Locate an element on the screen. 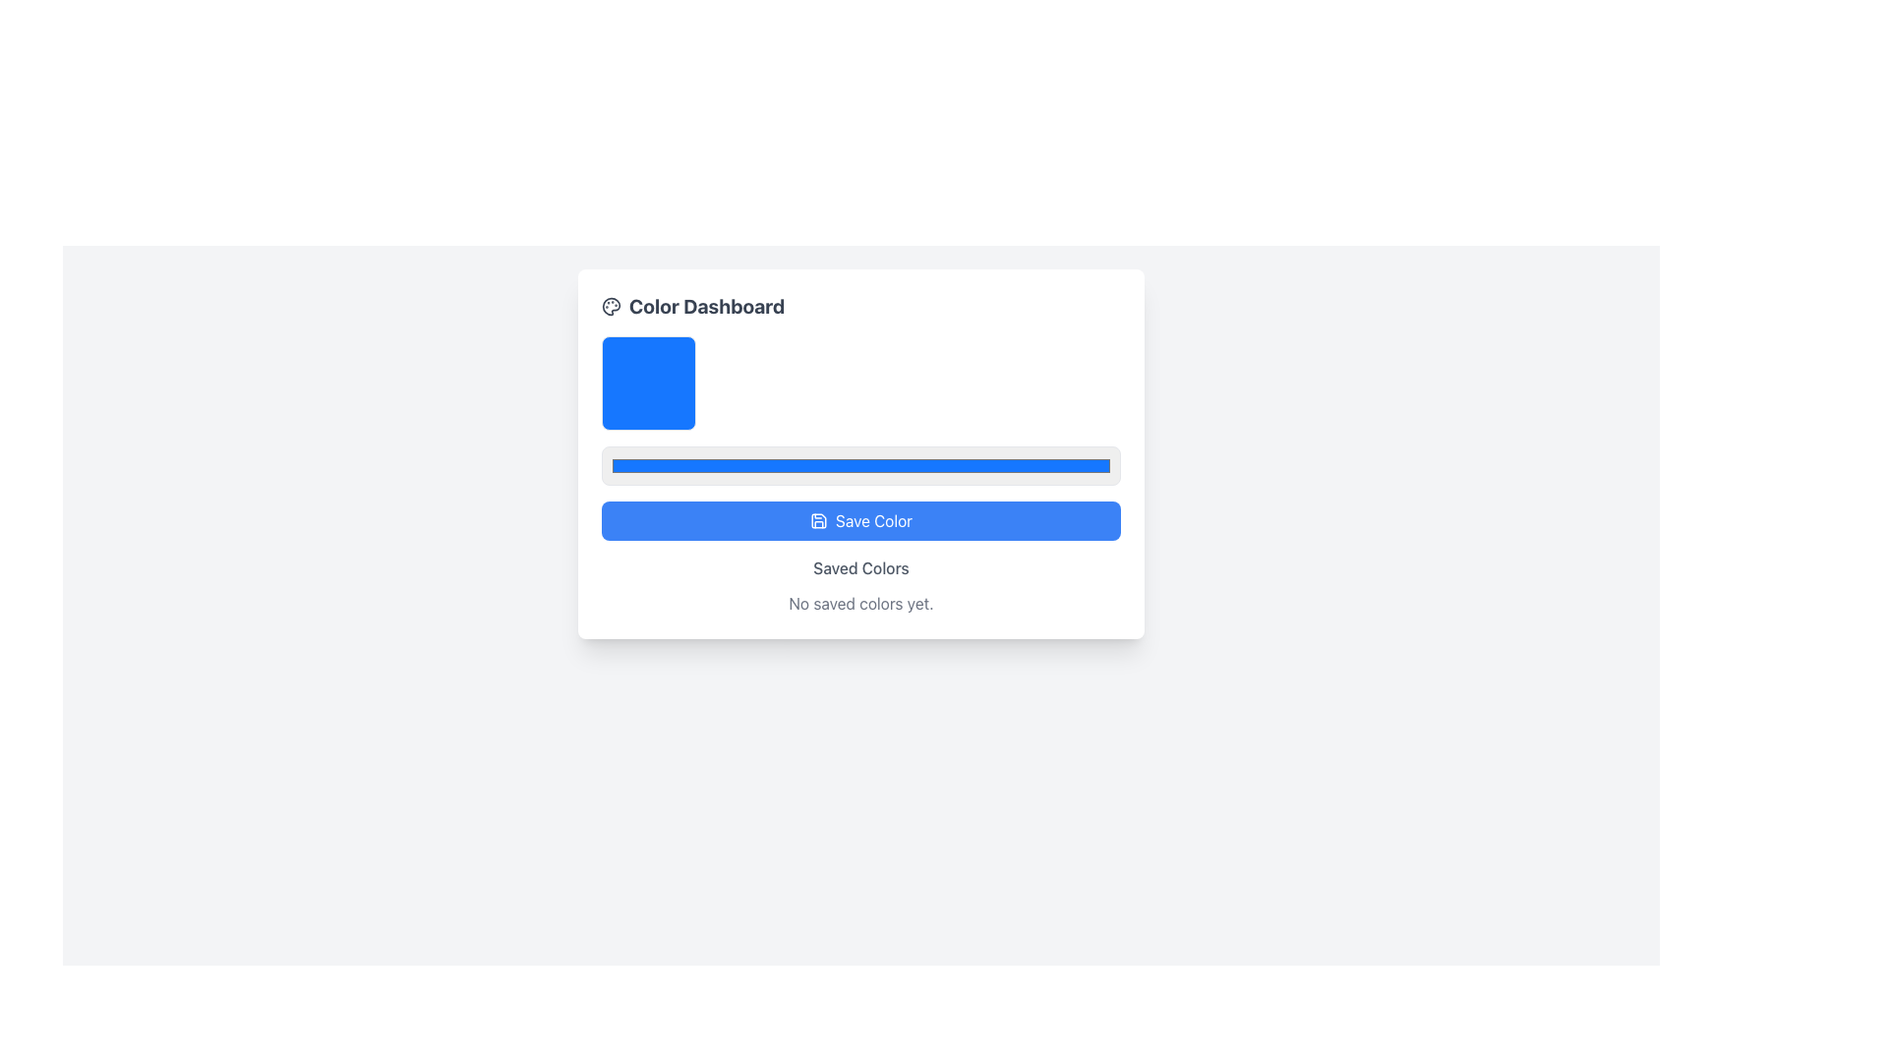 The image size is (1888, 1062). the blue 'Save Color' button with white text and a save icon to observe the hover effect is located at coordinates (860, 519).